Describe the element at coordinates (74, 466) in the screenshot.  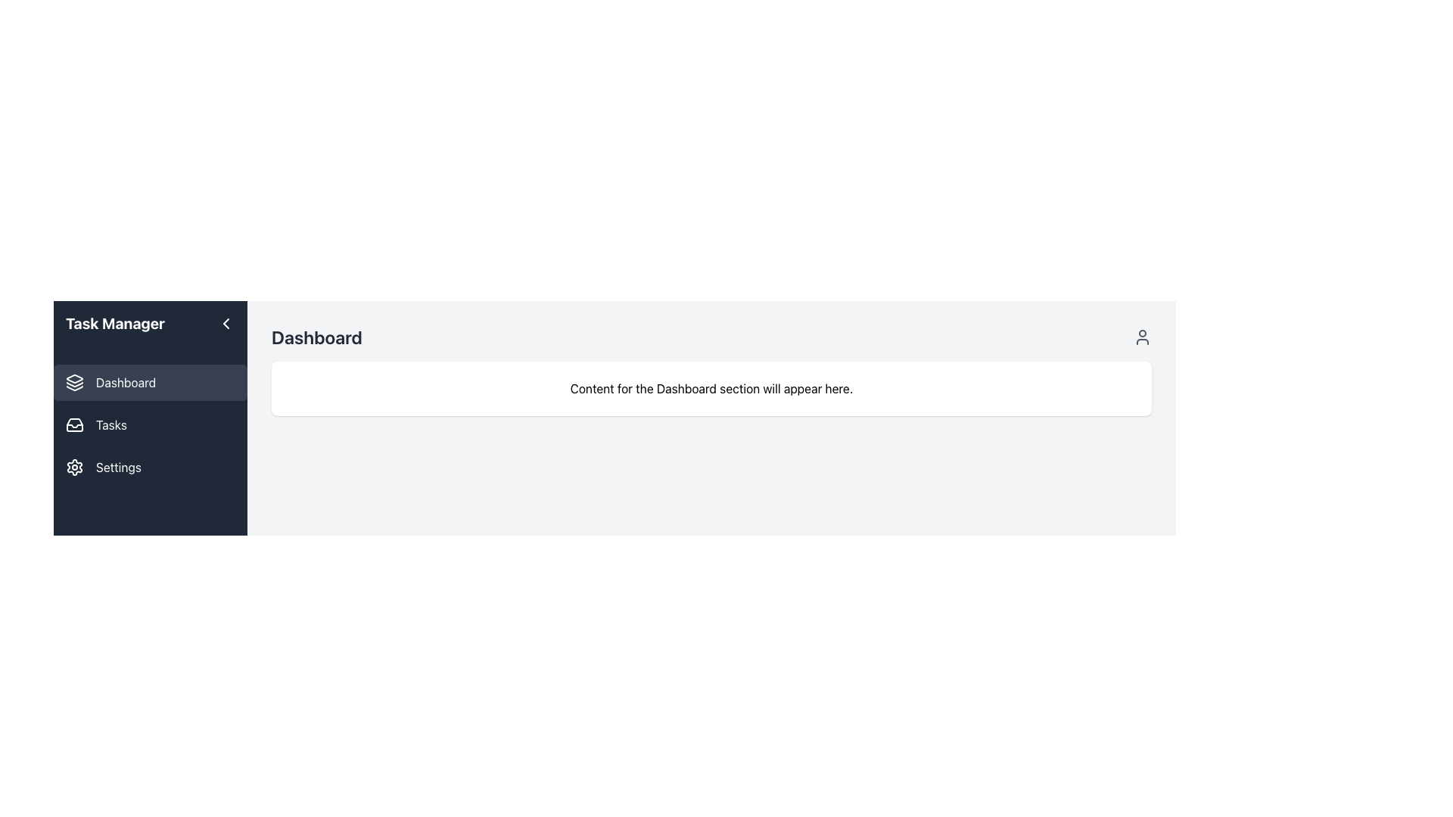
I see `the gear icon representing settings` at that location.